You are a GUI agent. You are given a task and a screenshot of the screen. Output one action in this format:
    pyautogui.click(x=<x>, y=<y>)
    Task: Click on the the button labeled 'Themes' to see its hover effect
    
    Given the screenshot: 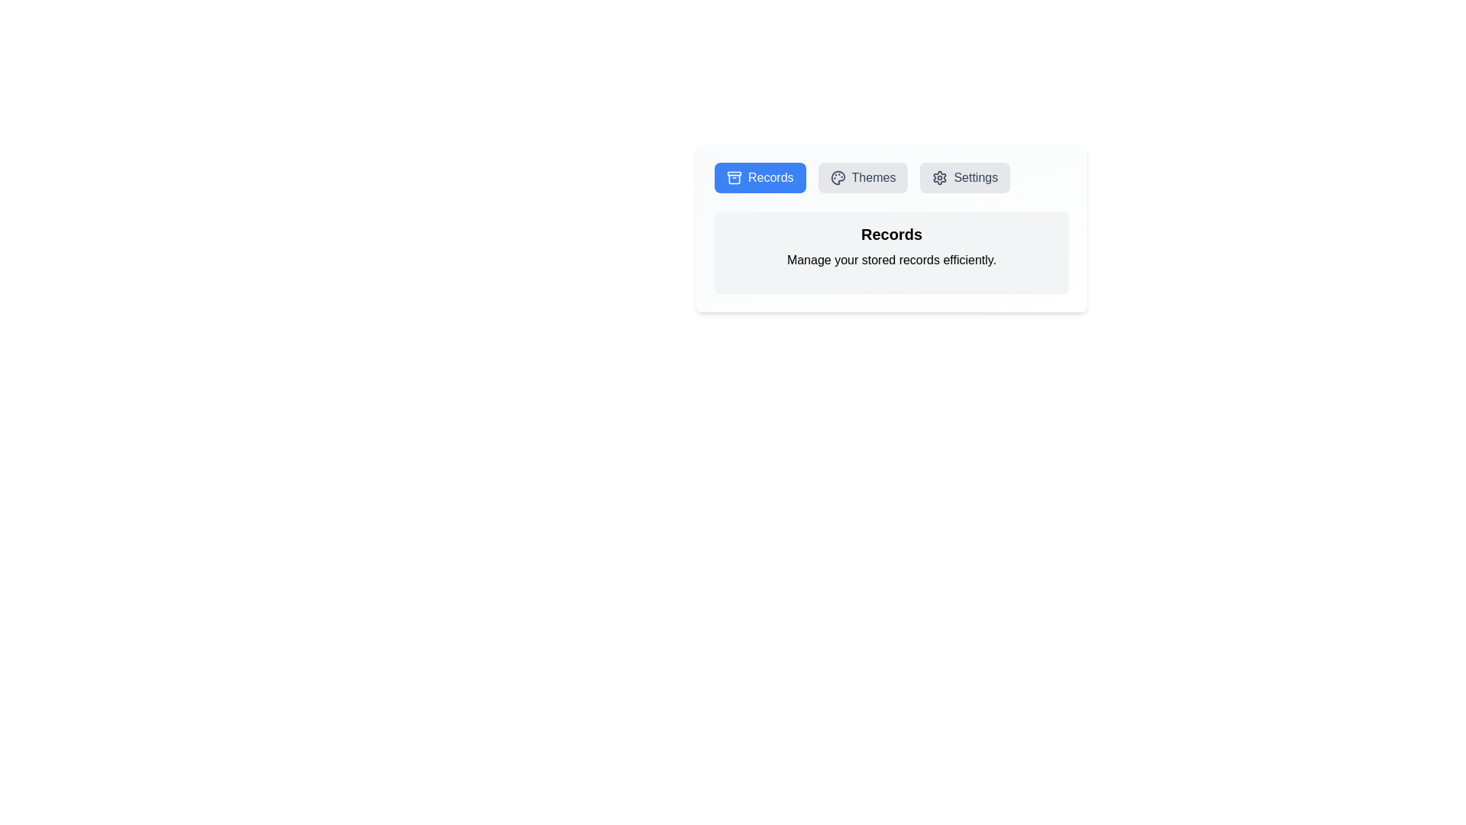 What is the action you would take?
    pyautogui.click(x=863, y=176)
    